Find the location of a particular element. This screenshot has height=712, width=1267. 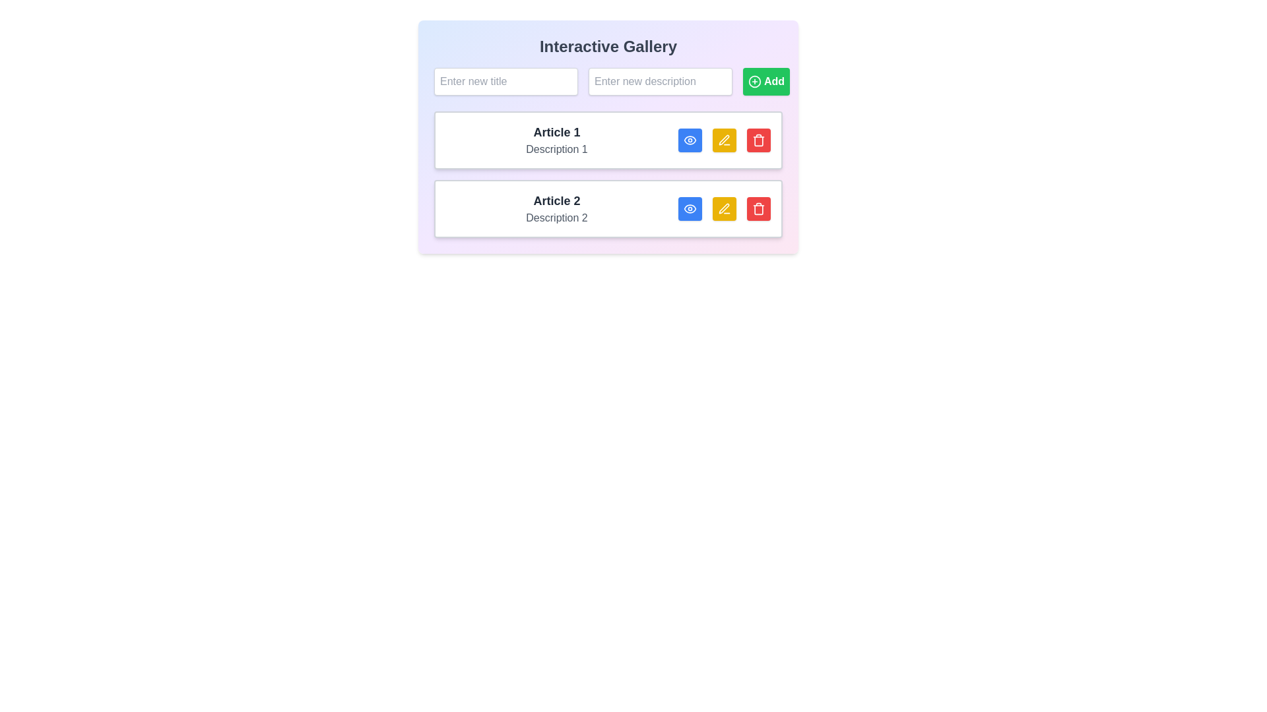

the delete button with an icon located in the upper-right section of the 'Article 1' card to initiate deletion is located at coordinates (759, 140).